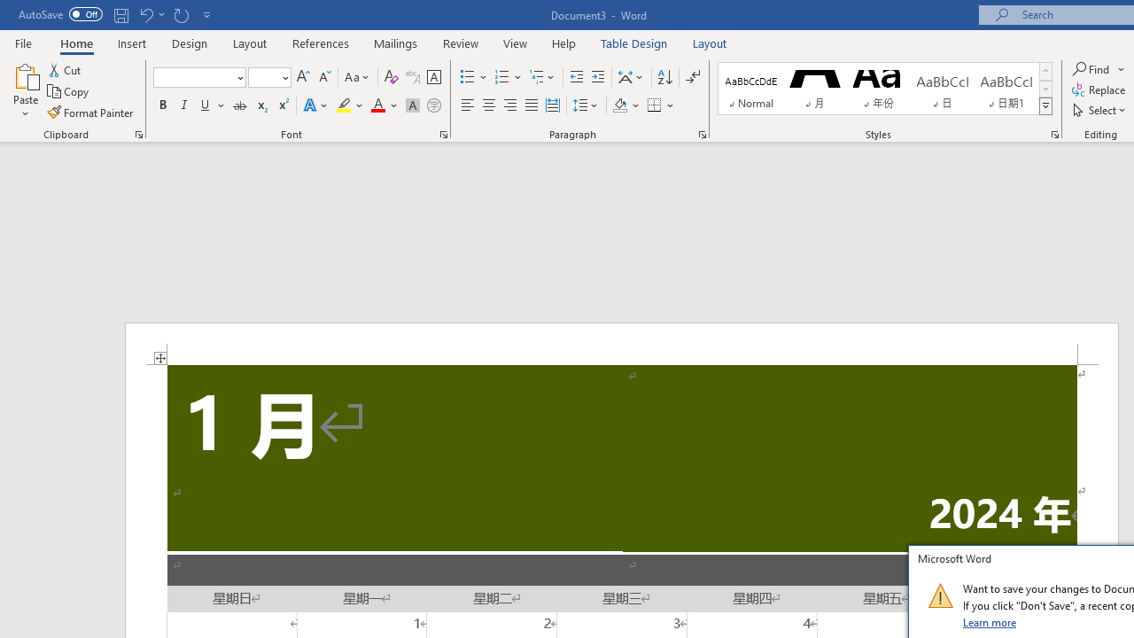 The width and height of the screenshot is (1134, 638). I want to click on 'AutomationID: QuickStylesGallery', so click(885, 89).